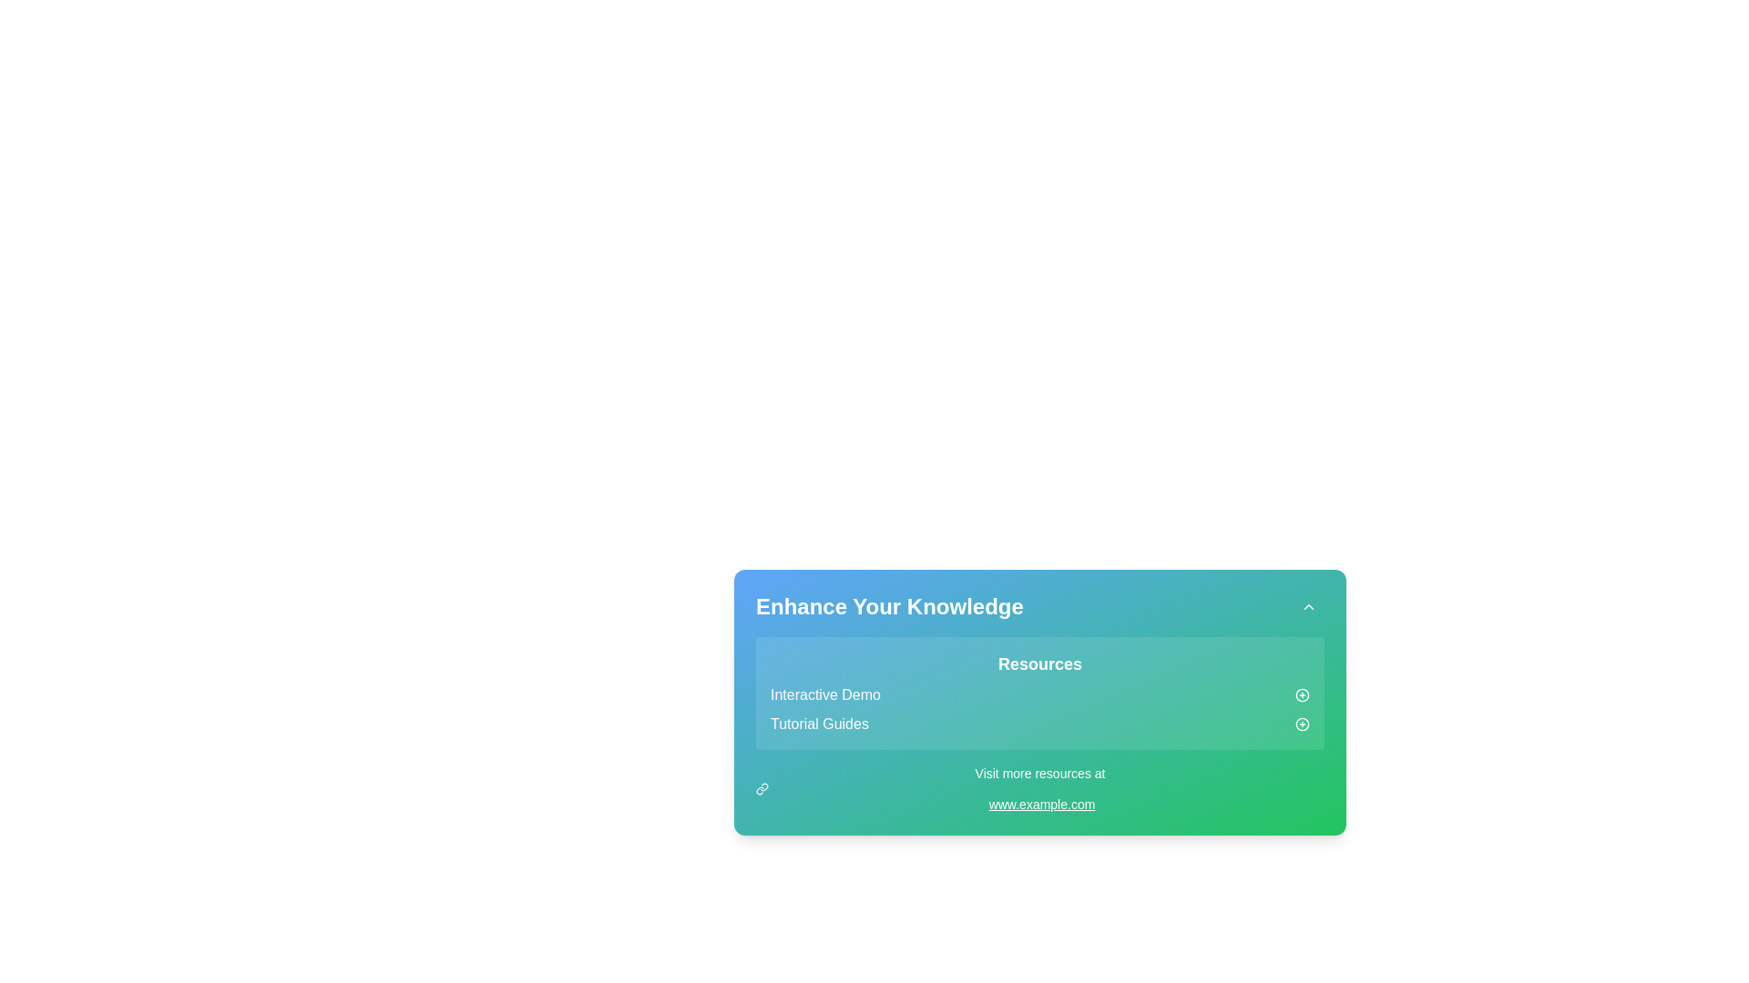  I want to click on the filled circular SVG graphic located in the lower-right corner of the card interface under the 'Resources' section, so click(1302, 694).